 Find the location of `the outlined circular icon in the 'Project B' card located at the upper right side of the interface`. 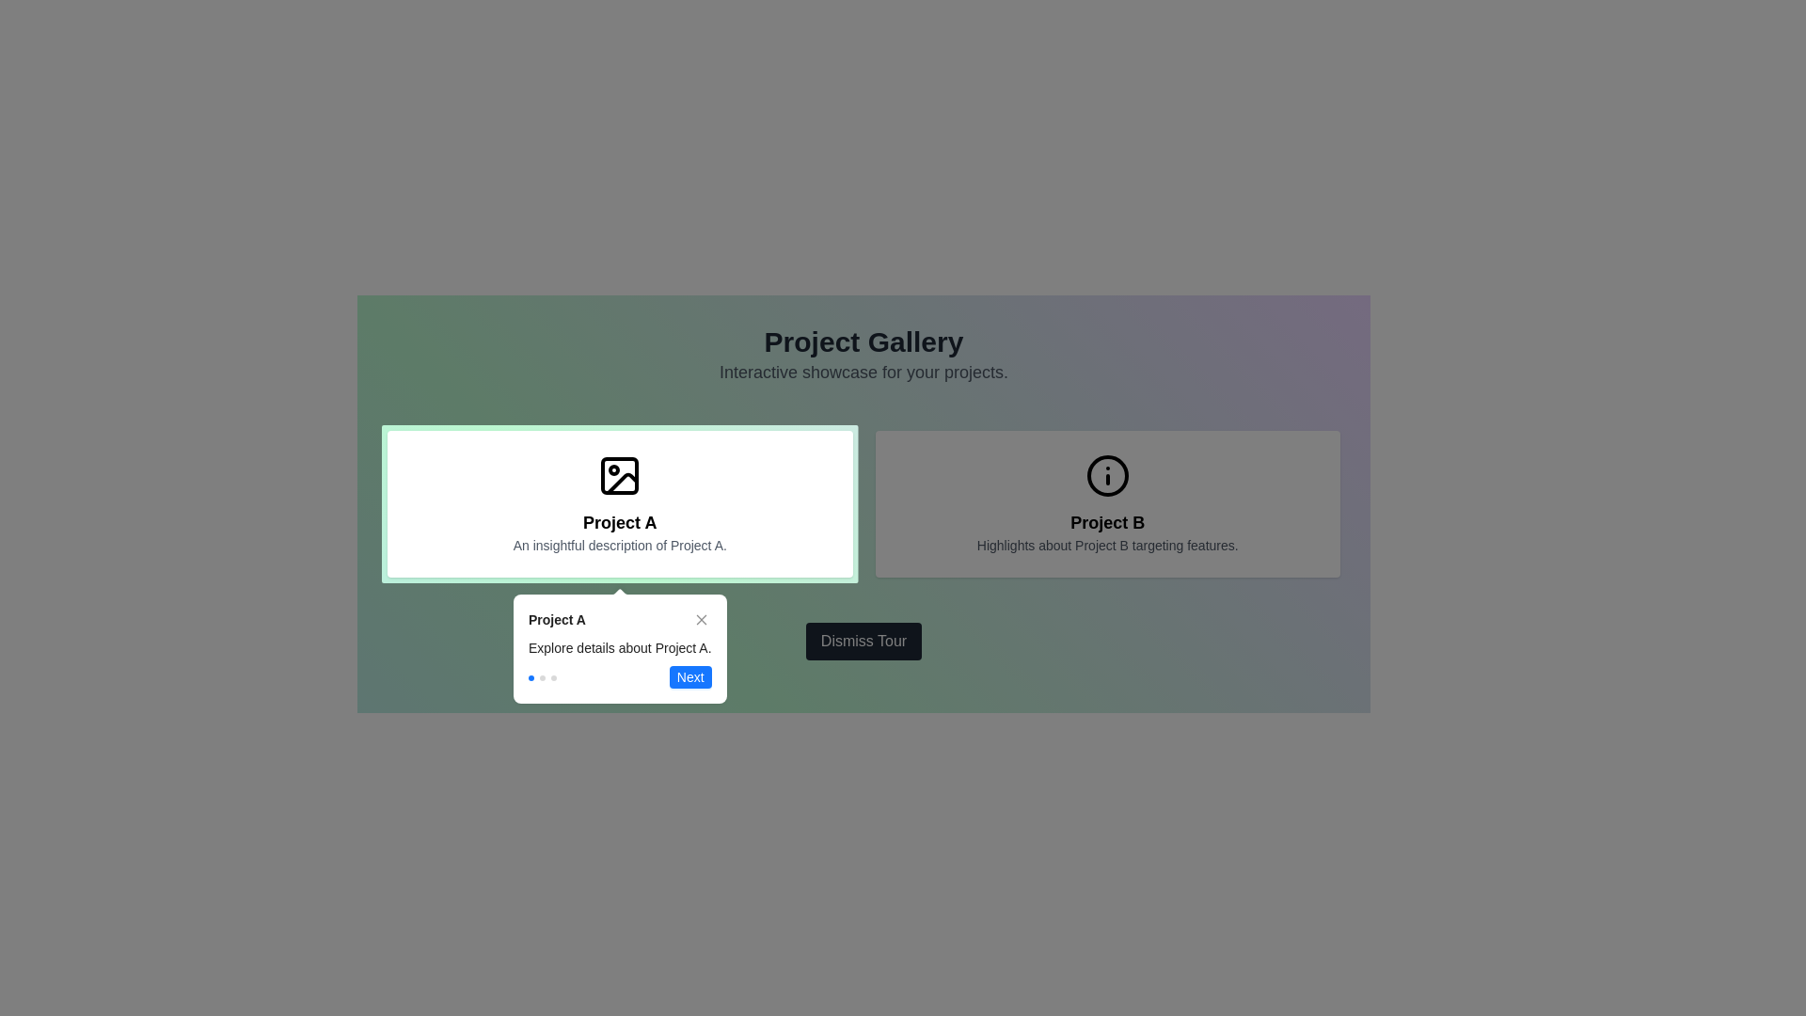

the outlined circular icon in the 'Project B' card located at the upper right side of the interface is located at coordinates (1107, 474).